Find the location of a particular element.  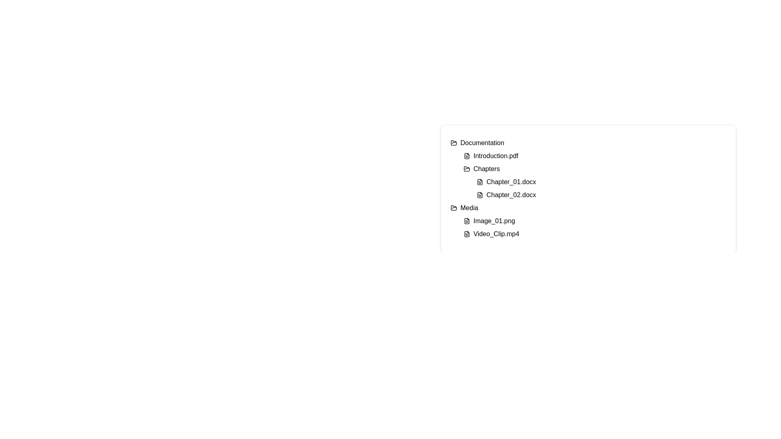

the graphical folder icon located is located at coordinates (454, 142).